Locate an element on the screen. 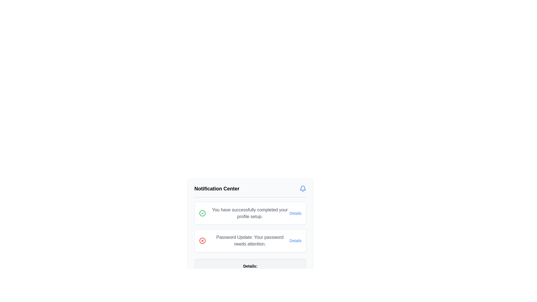 The width and height of the screenshot is (537, 302). text label 'Details:' which is a bold, small-sized text positioned at the top of a section, serving as a header within a gray rounded box is located at coordinates (250, 266).